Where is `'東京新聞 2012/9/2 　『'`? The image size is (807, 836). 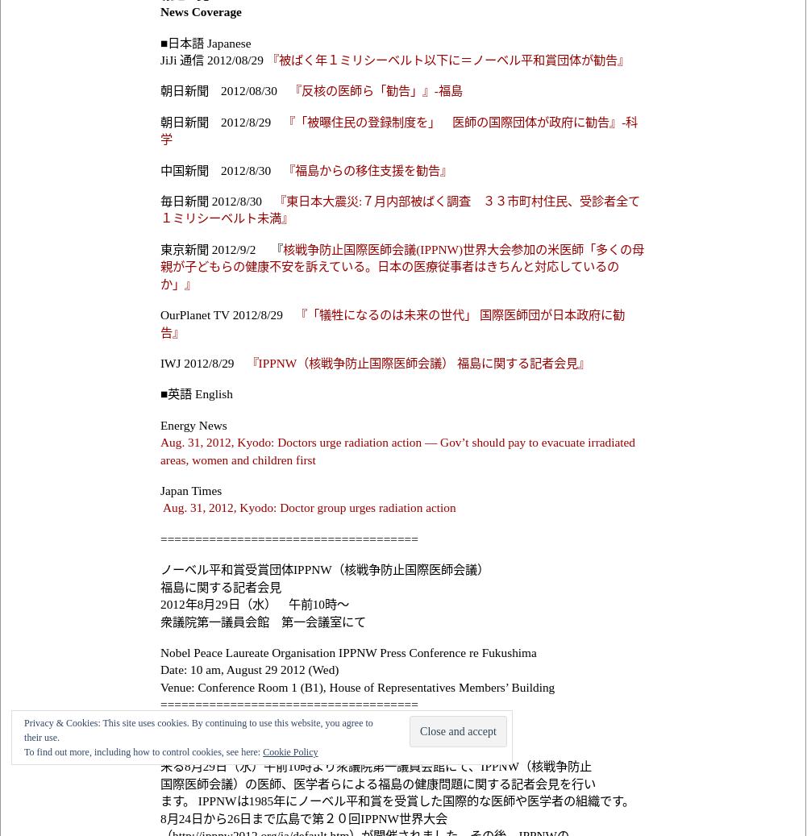 '東京新聞 2012/9/2 　『' is located at coordinates (220, 247).